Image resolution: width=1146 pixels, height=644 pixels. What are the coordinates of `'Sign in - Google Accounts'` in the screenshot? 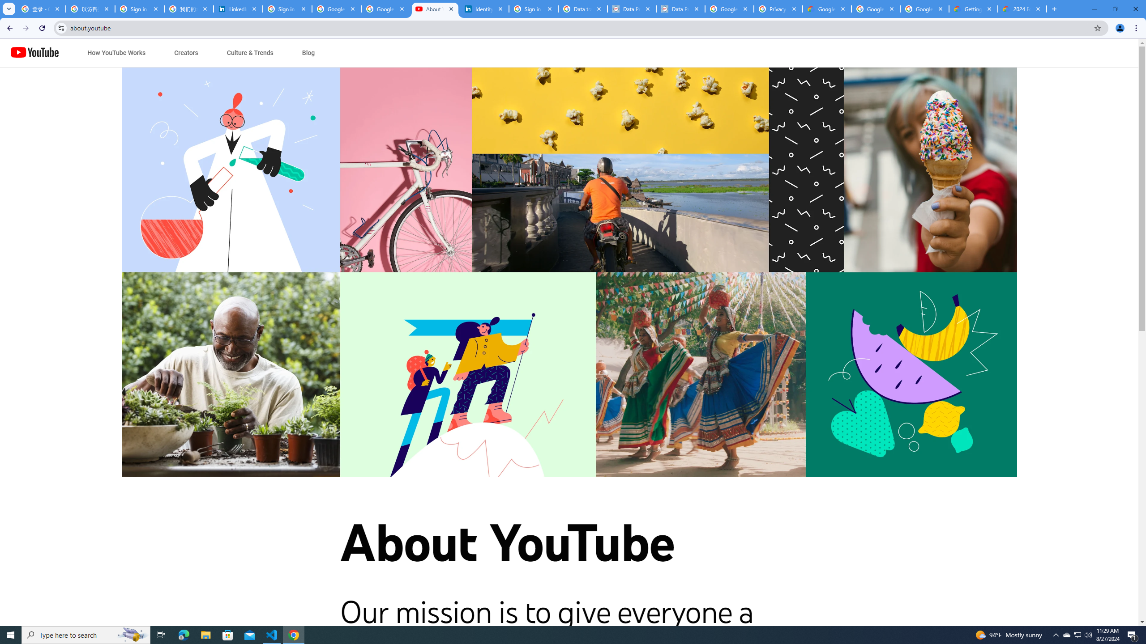 It's located at (533, 8).